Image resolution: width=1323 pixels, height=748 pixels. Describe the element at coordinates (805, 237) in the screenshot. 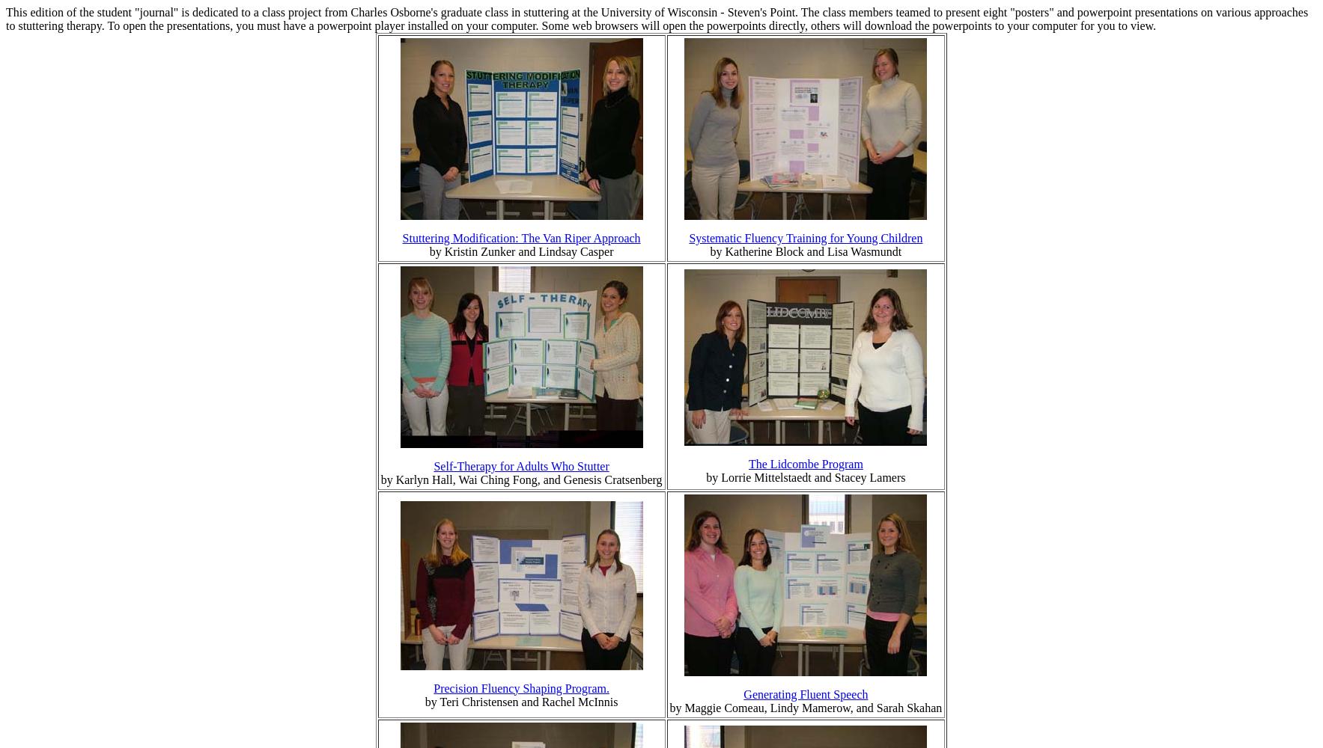

I see `'Systematic Fluency Training for Young Children'` at that location.